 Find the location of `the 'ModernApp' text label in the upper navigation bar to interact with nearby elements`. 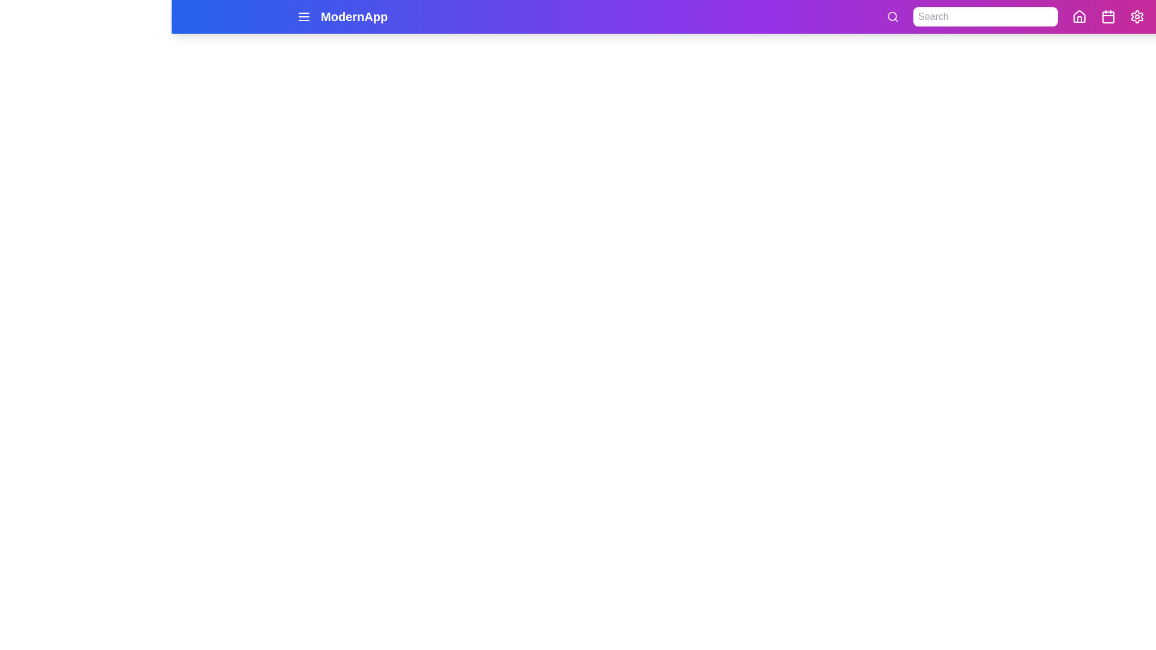

the 'ModernApp' text label in the upper navigation bar to interact with nearby elements is located at coordinates (353, 16).